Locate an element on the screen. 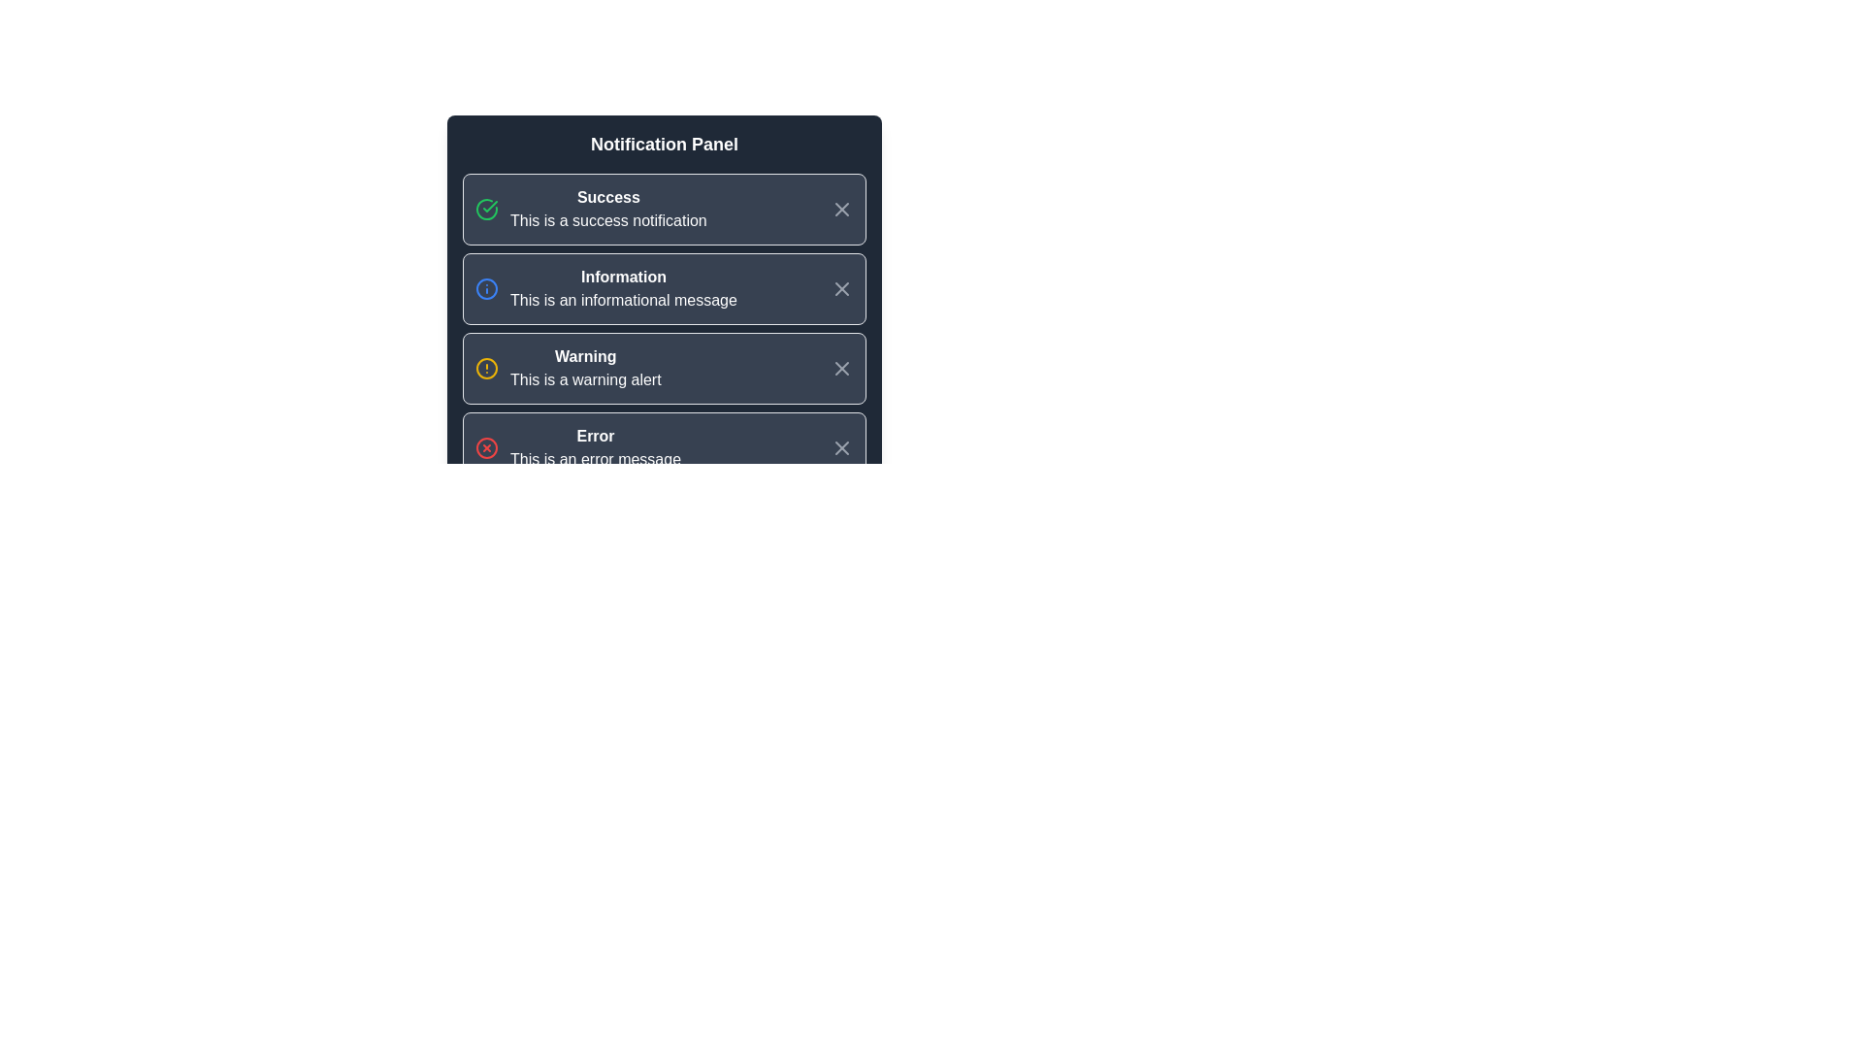 This screenshot has height=1048, width=1863. the 'Notification Panel' text label, which is styled in bold typography and located at the top center of the notification panel is located at coordinates (665, 144).